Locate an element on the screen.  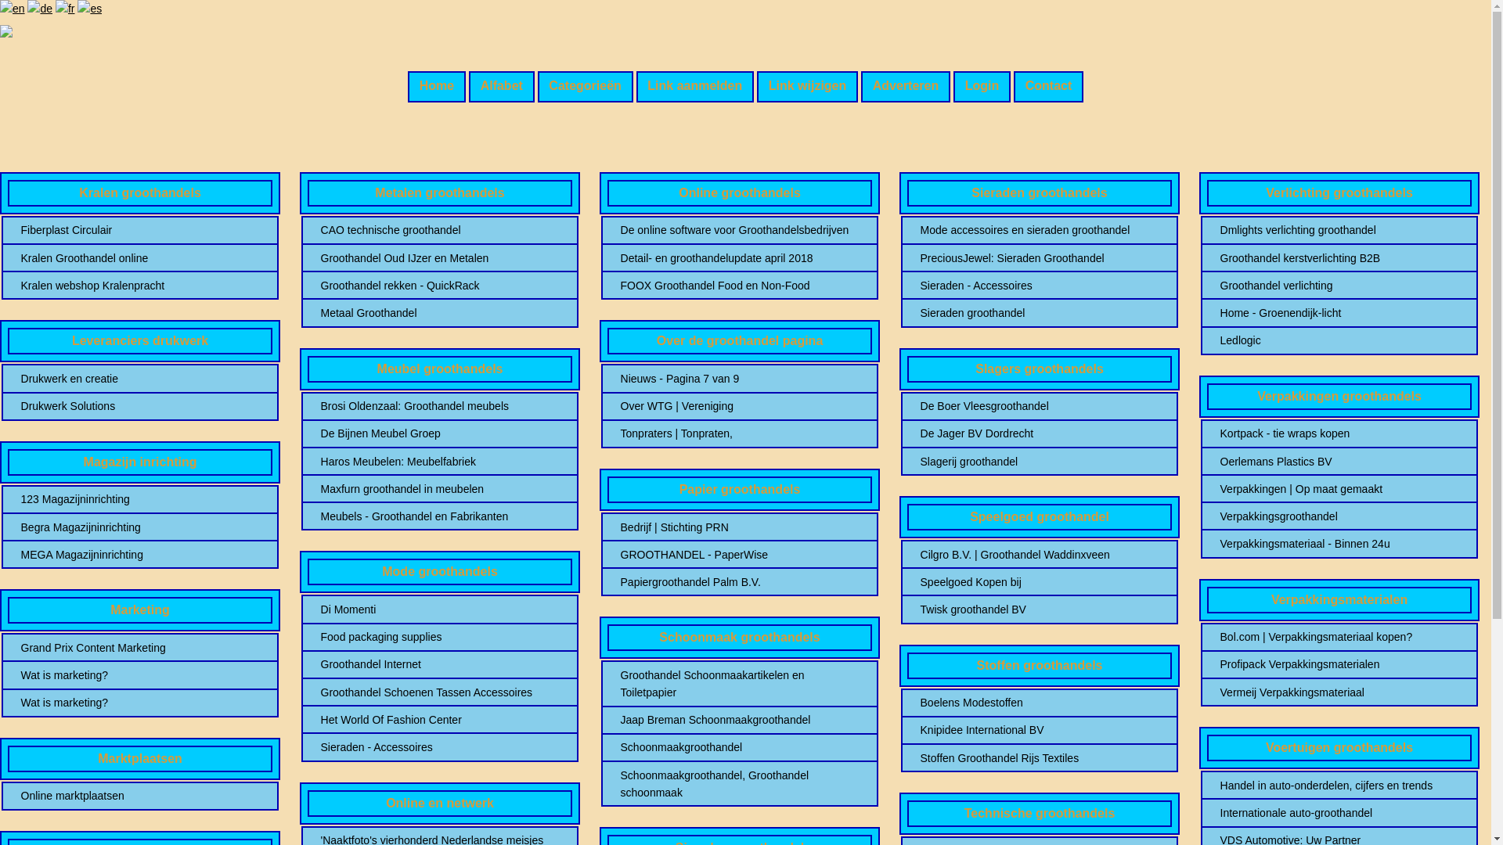
'Slagerij groothandel' is located at coordinates (1040, 461).